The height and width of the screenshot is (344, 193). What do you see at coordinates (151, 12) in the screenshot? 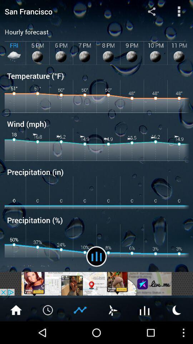
I see `the share icon` at bounding box center [151, 12].